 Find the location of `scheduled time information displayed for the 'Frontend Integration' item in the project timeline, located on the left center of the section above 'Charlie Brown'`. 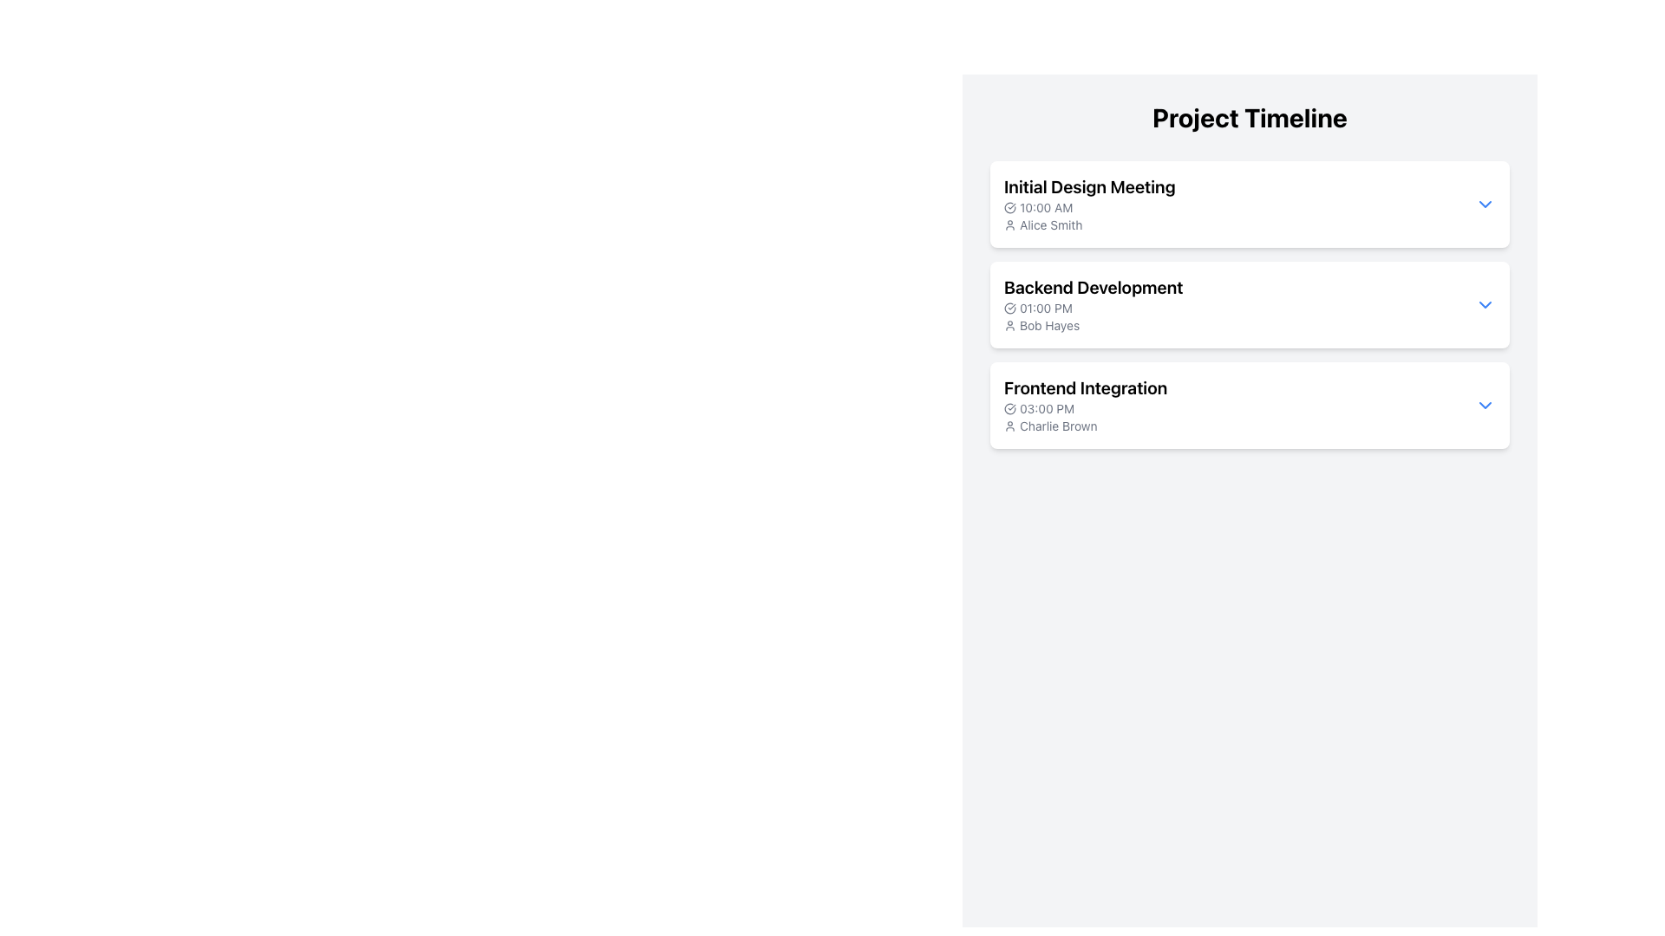

scheduled time information displayed for the 'Frontend Integration' item in the project timeline, located on the left center of the section above 'Charlie Brown' is located at coordinates (1085, 408).